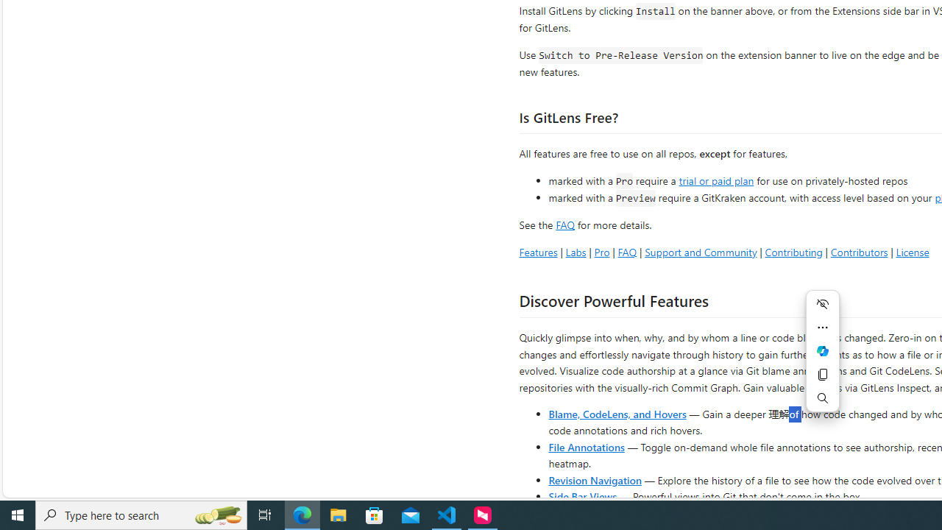 The height and width of the screenshot is (530, 942). Describe the element at coordinates (601, 251) in the screenshot. I see `'Pro'` at that location.